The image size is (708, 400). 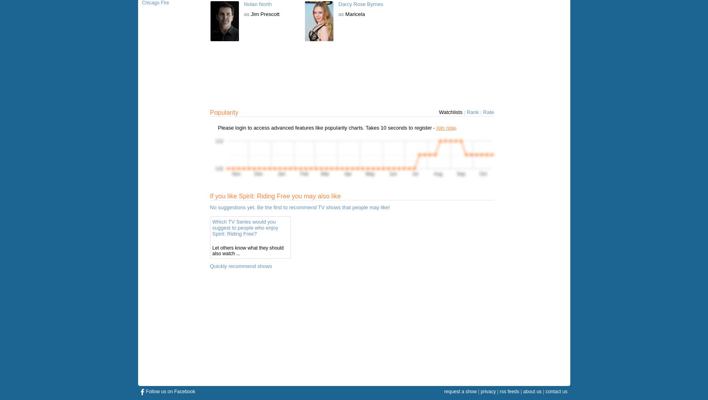 I want to click on 'Which TV Series would you suggest to people who enjoy Spirit: Riding Free?', so click(x=245, y=227).